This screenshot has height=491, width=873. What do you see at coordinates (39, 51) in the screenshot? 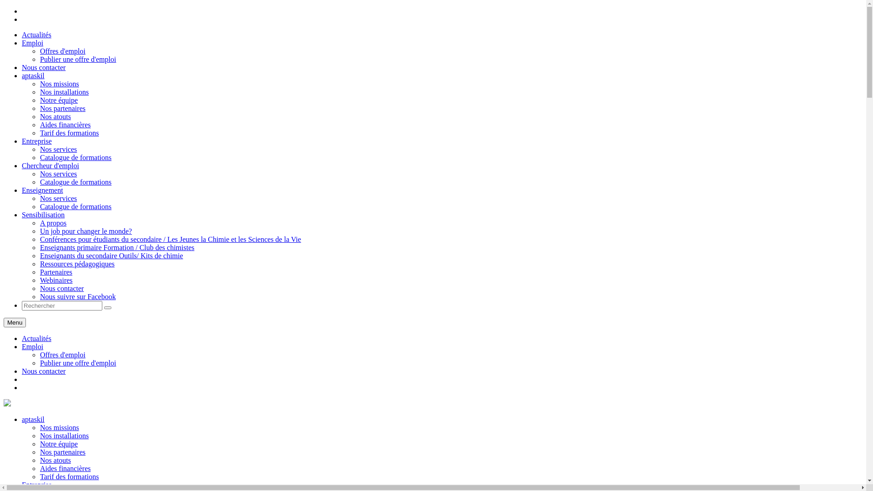
I see `'Offres d'emploi'` at bounding box center [39, 51].